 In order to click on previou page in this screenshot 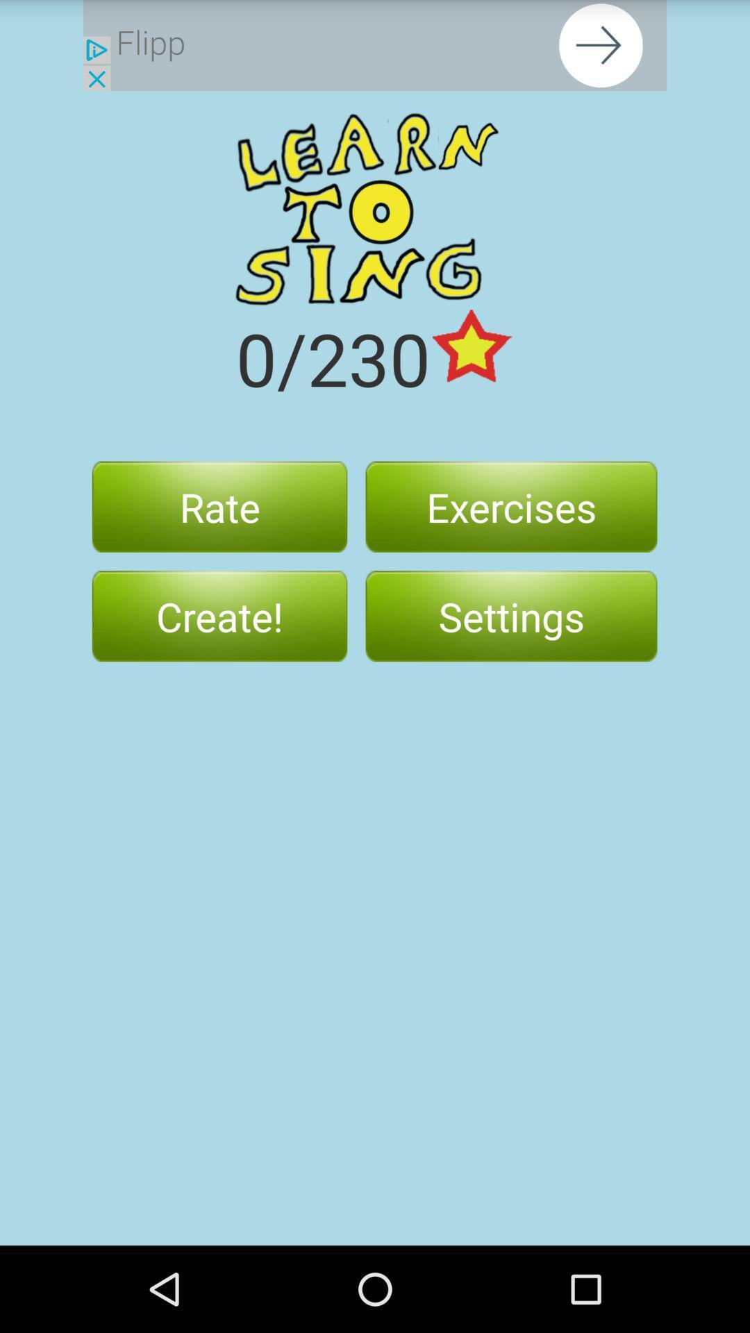, I will do `click(375, 45)`.